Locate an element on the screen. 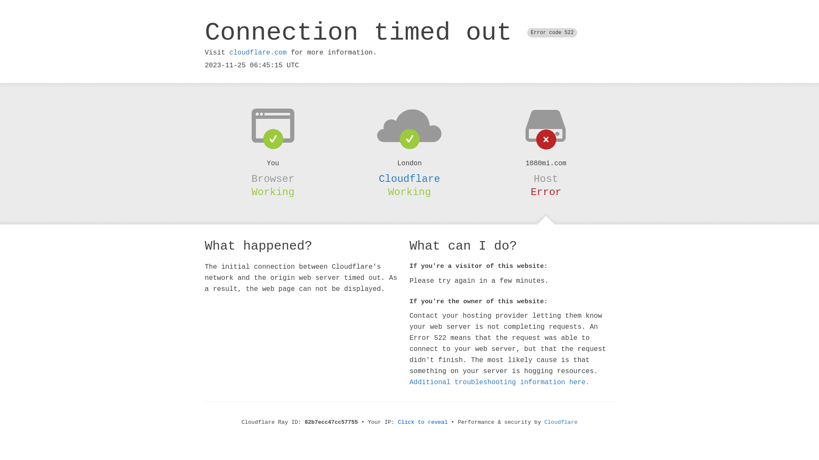 The width and height of the screenshot is (819, 460). 'cloudflare.com' is located at coordinates (257, 52).